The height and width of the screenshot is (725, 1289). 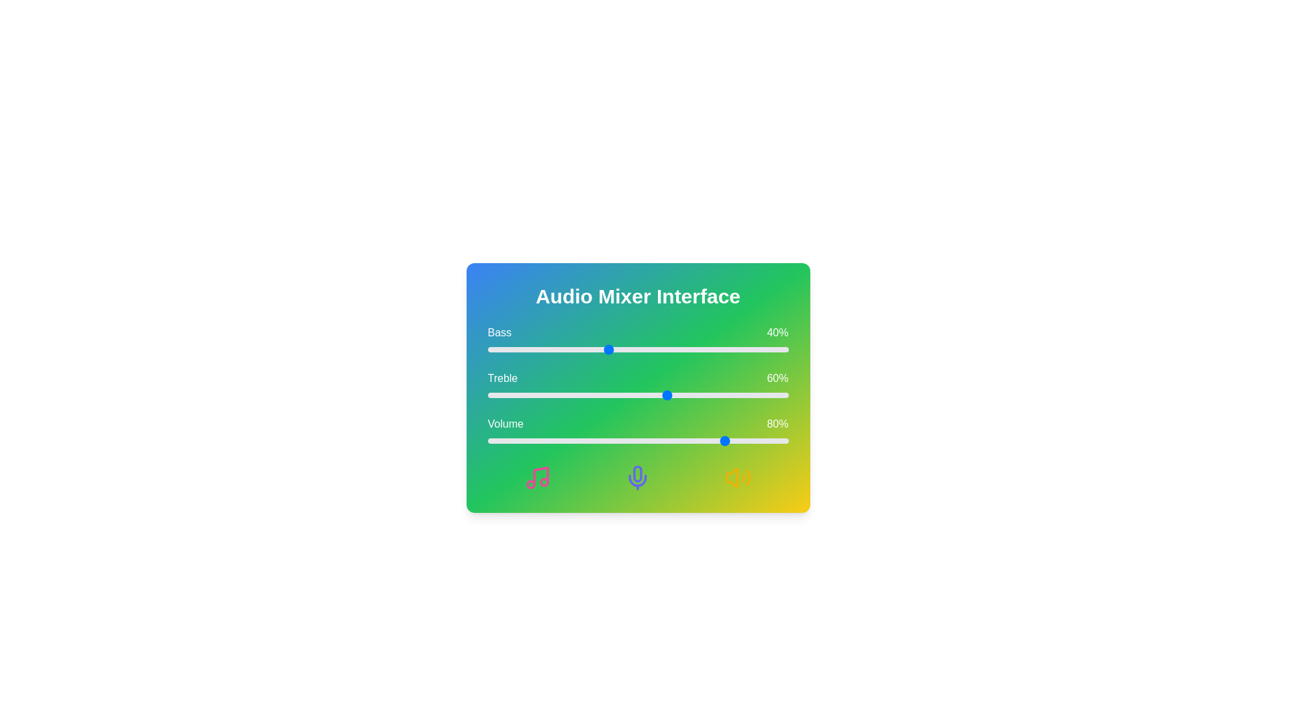 What do you see at coordinates (659, 348) in the screenshot?
I see `the Bass level slider to 57%` at bounding box center [659, 348].